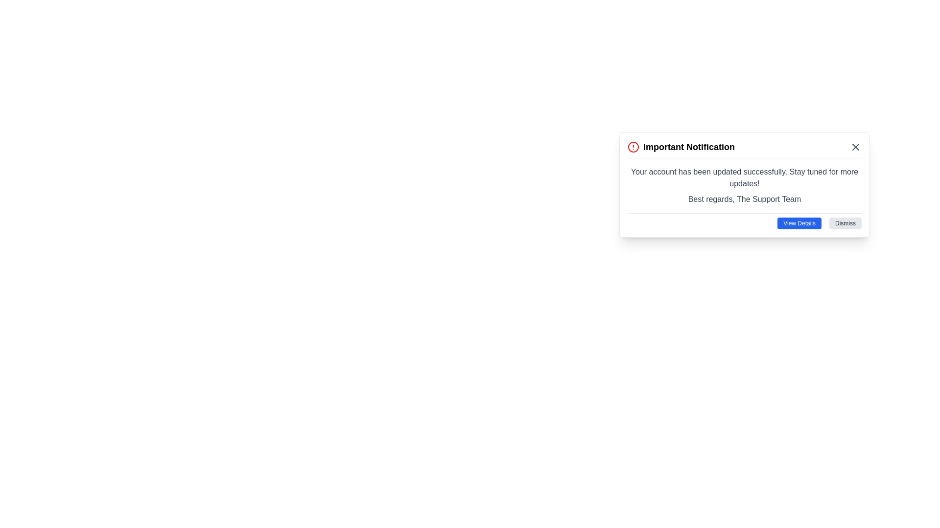  What do you see at coordinates (799, 223) in the screenshot?
I see `the button located in the bottom-right corner of the notification card, to the left of the 'Dismiss' button, to proceed to the details` at bounding box center [799, 223].